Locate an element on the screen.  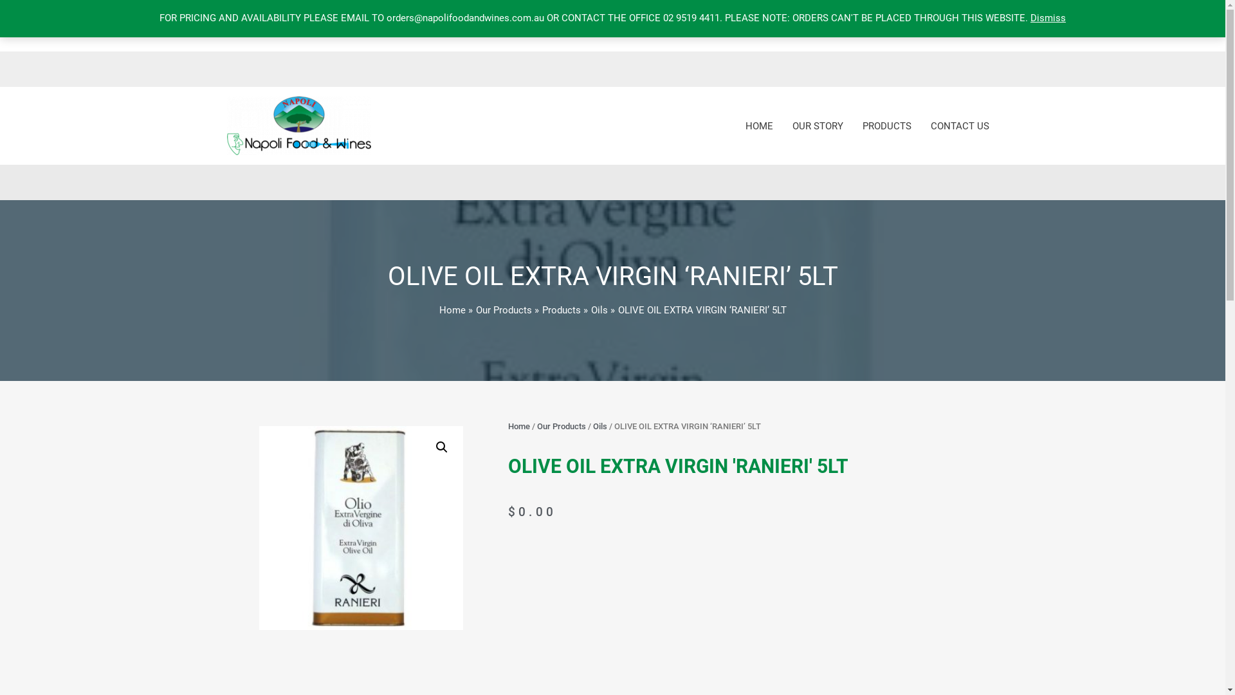
'Our Products' is located at coordinates (536, 426).